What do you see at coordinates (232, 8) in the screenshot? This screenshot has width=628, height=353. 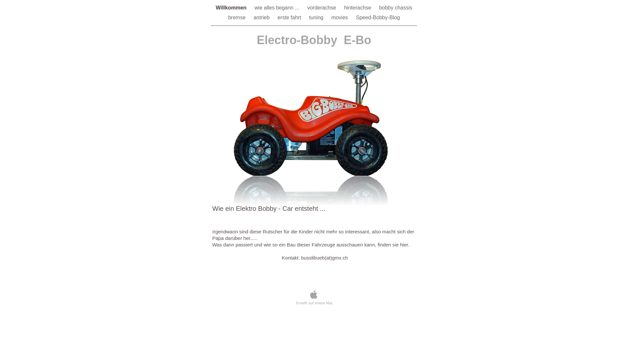 I see `'Willkommen'` at bounding box center [232, 8].